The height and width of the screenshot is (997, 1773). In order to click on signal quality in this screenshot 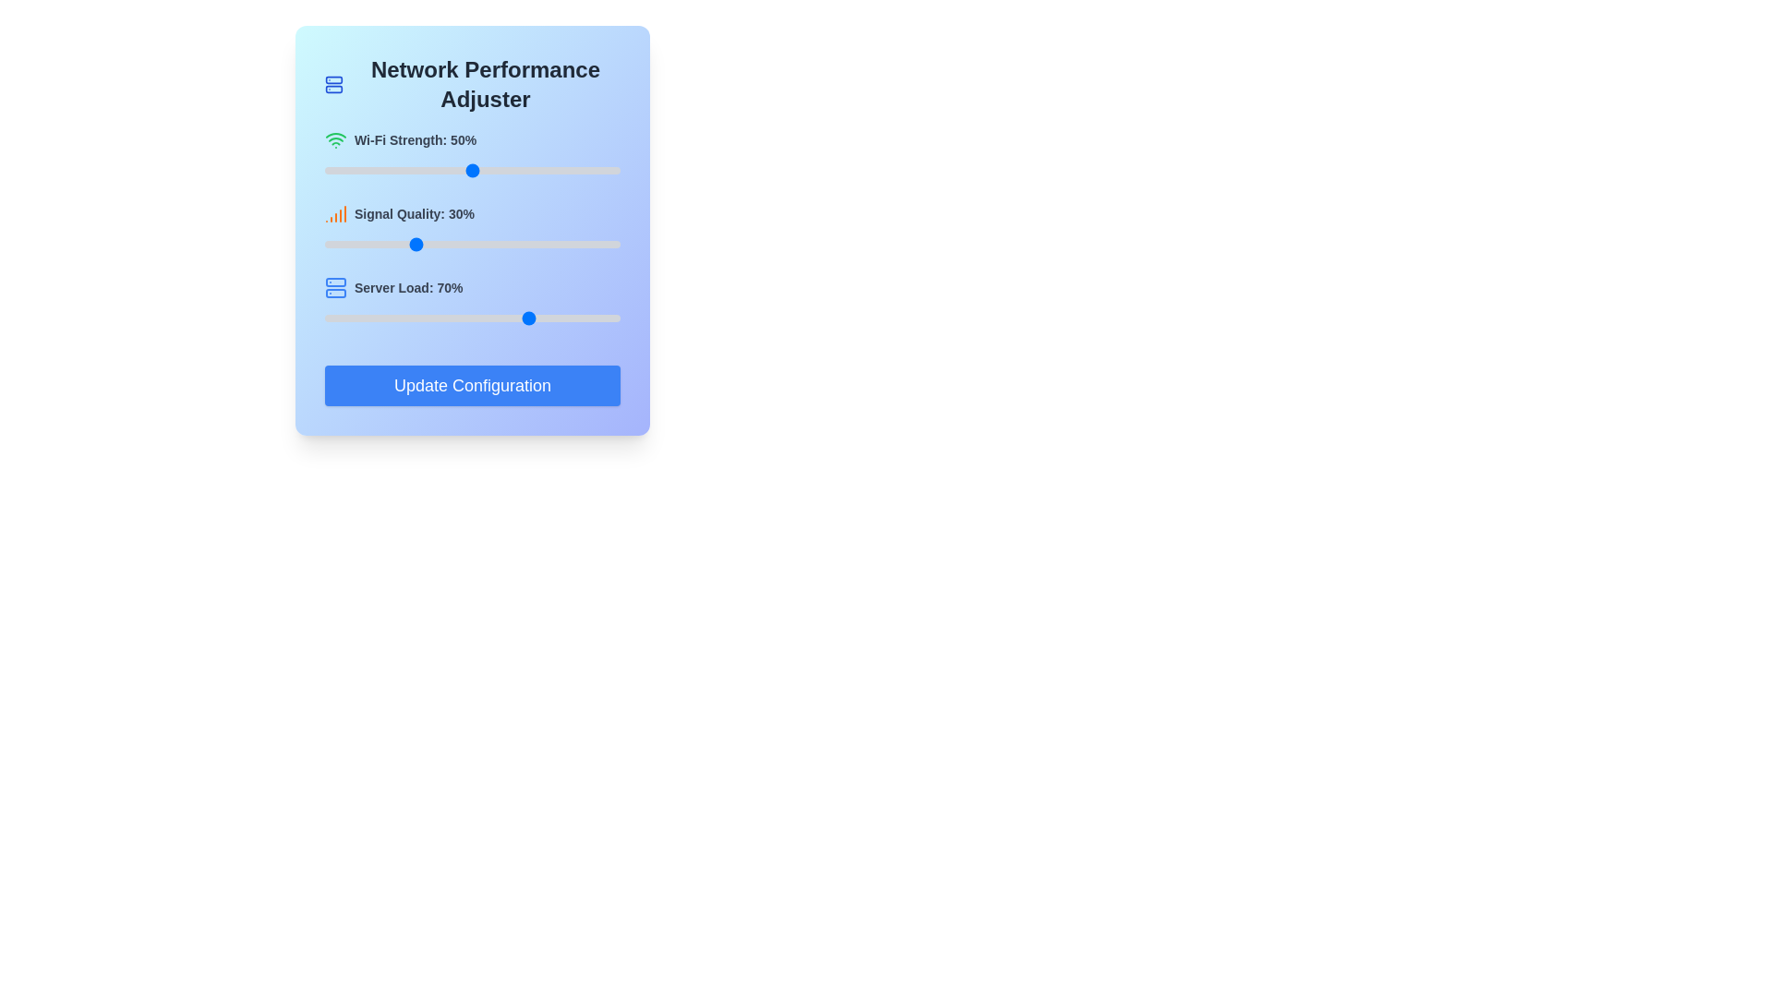, I will do `click(401, 244)`.